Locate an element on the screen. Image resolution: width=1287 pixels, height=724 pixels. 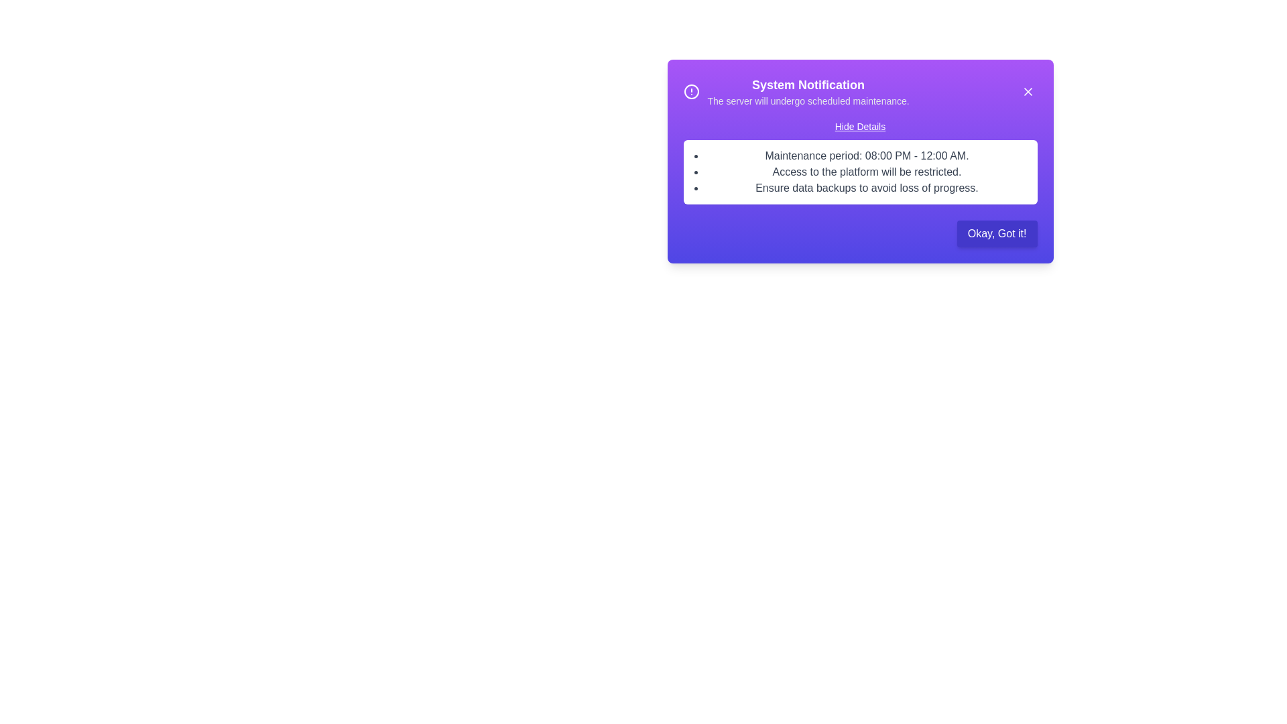
the 'Okay, Got it!' button to acknowledge the notification is located at coordinates (997, 233).